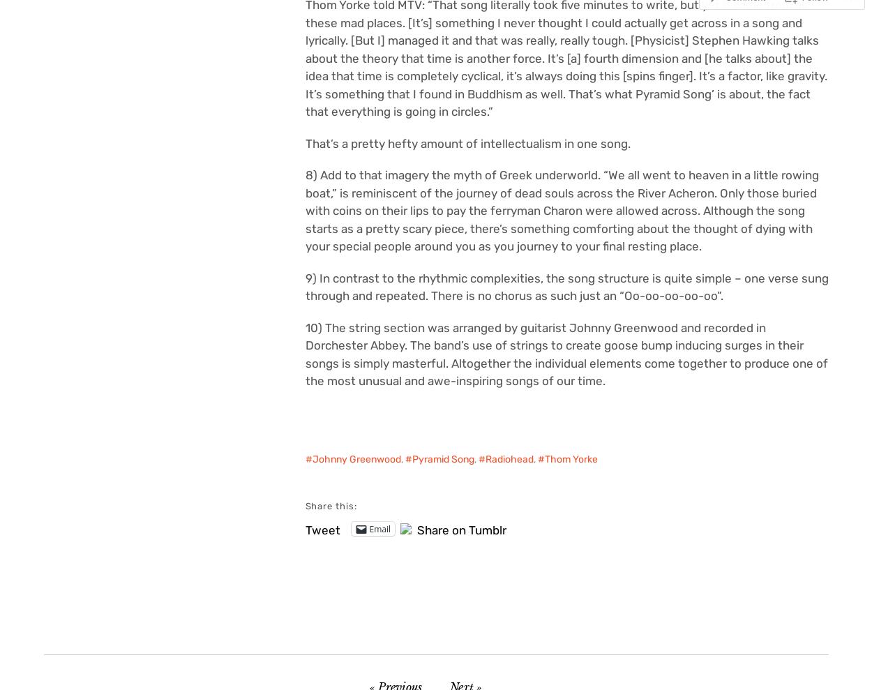 Image resolution: width=872 pixels, height=690 pixels. I want to click on 'Thom Yorke', so click(570, 459).